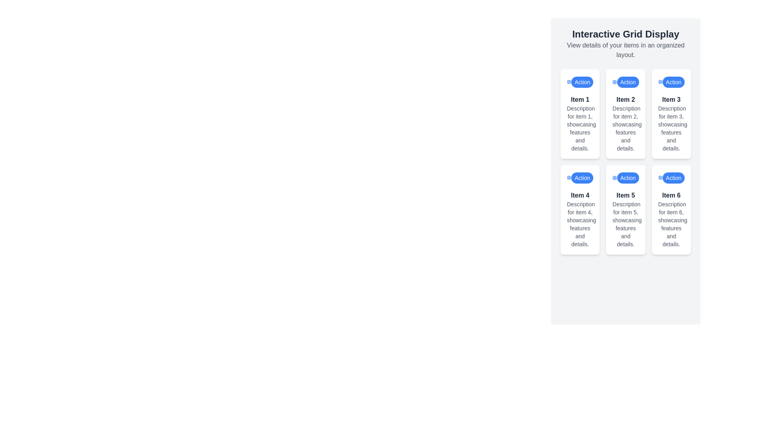 The width and height of the screenshot is (766, 431). I want to click on the blue button labeled 'Action' with a grid icon on the left, located in the top-right corner of the 'Item 2' card in the 'Interactive Grid Display', so click(625, 82).